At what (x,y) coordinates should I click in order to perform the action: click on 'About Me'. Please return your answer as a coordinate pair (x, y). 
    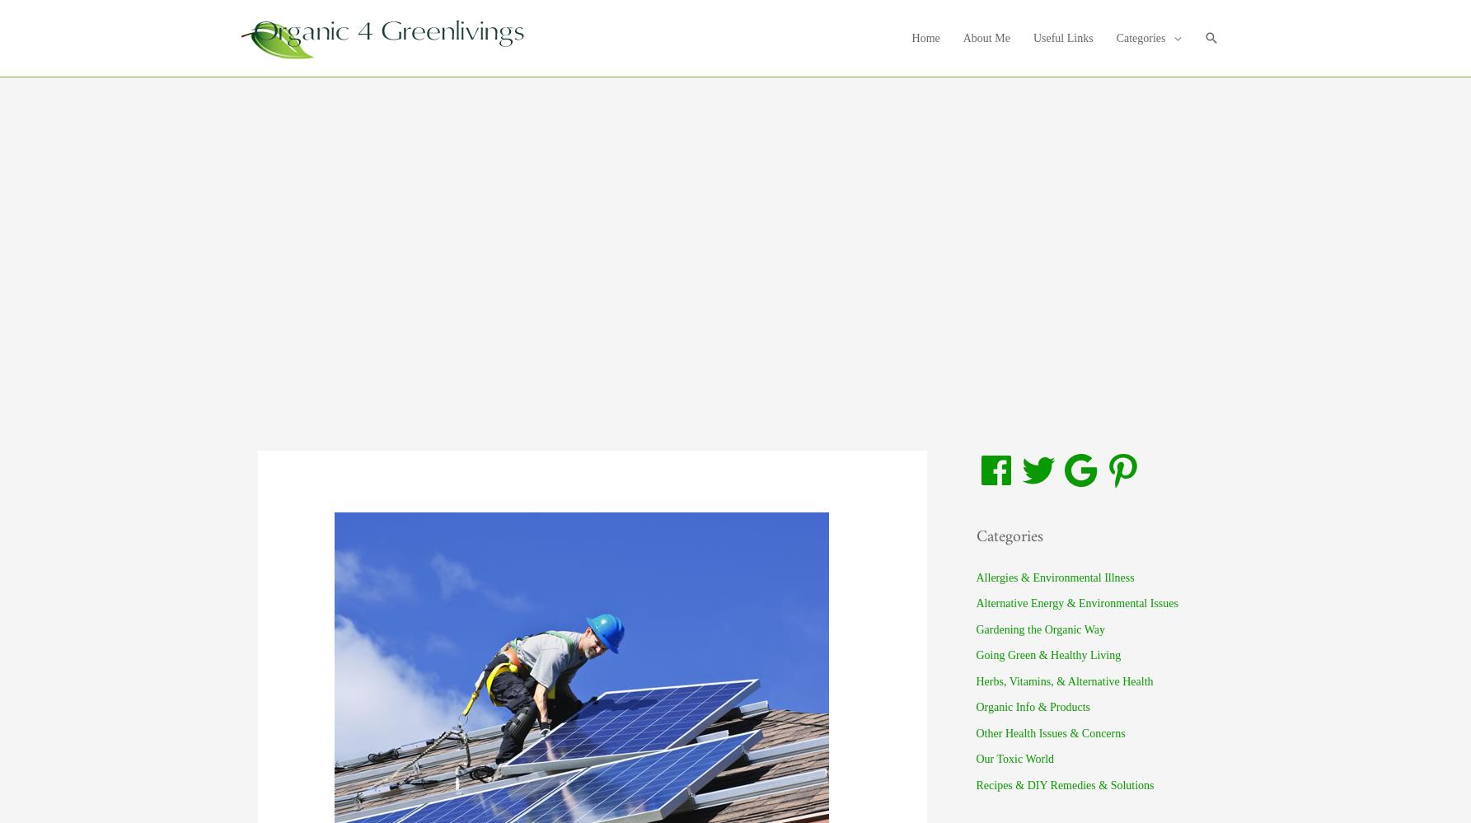
    Looking at the image, I should click on (985, 37).